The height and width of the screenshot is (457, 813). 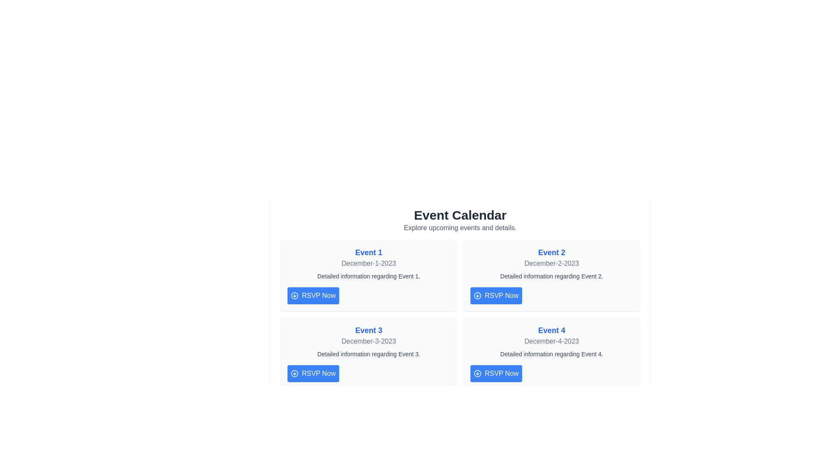 What do you see at coordinates (459, 228) in the screenshot?
I see `the Static text label that provides a brief description for the 'Event Calendar' header, located directly below it` at bounding box center [459, 228].